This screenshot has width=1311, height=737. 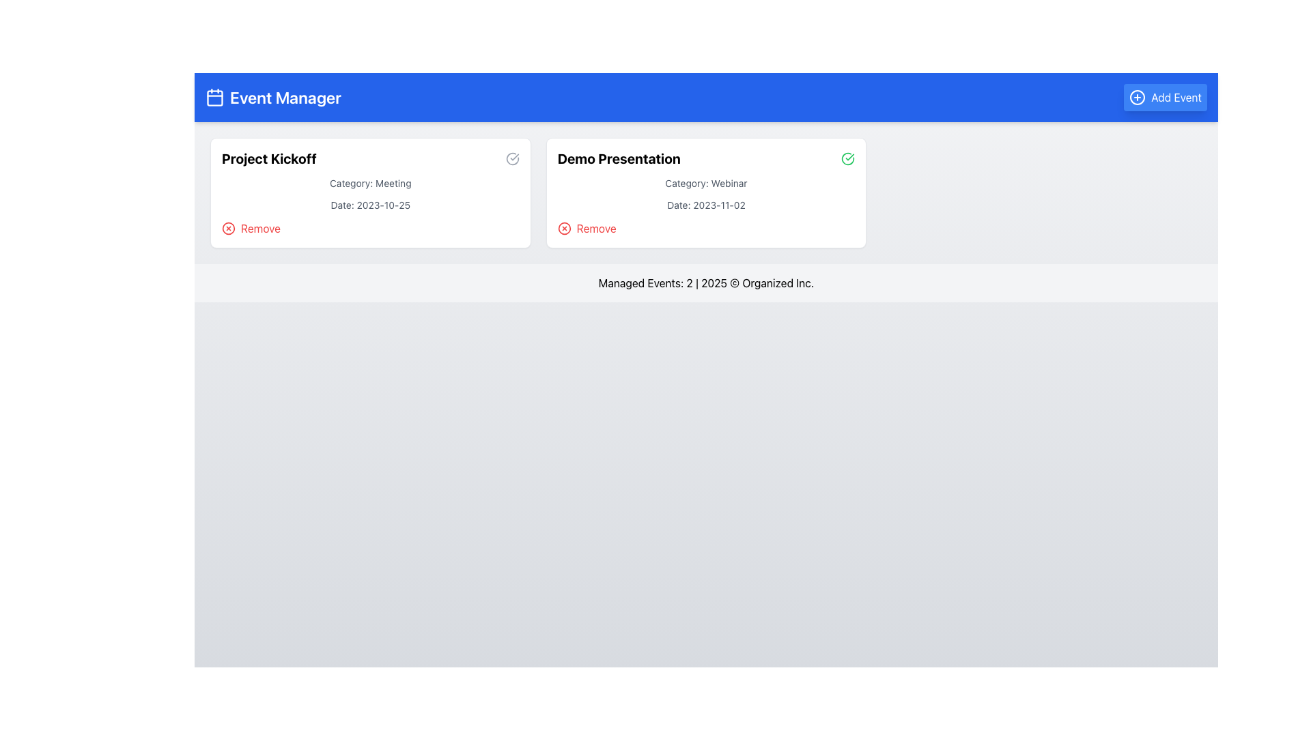 What do you see at coordinates (251, 228) in the screenshot?
I see `the red 'Remove' button with an 'X' icon located in the bottom-left corner of the 'Project Kickoff' event card` at bounding box center [251, 228].